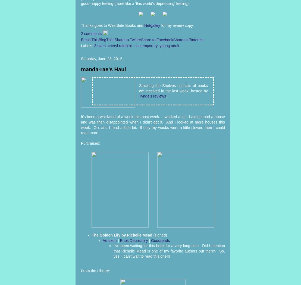 This screenshot has height=285, width=301. What do you see at coordinates (153, 125) in the screenshot?
I see `'It's been a whirlwind of a week this past week.  I worked a lot.  I almost had a house and was then disappointed when I didn't get it.  And I looked at more houses this week.  Oh, and I read a little bit.  If only my weeks went a little slower, then I could read more.'` at bounding box center [153, 125].